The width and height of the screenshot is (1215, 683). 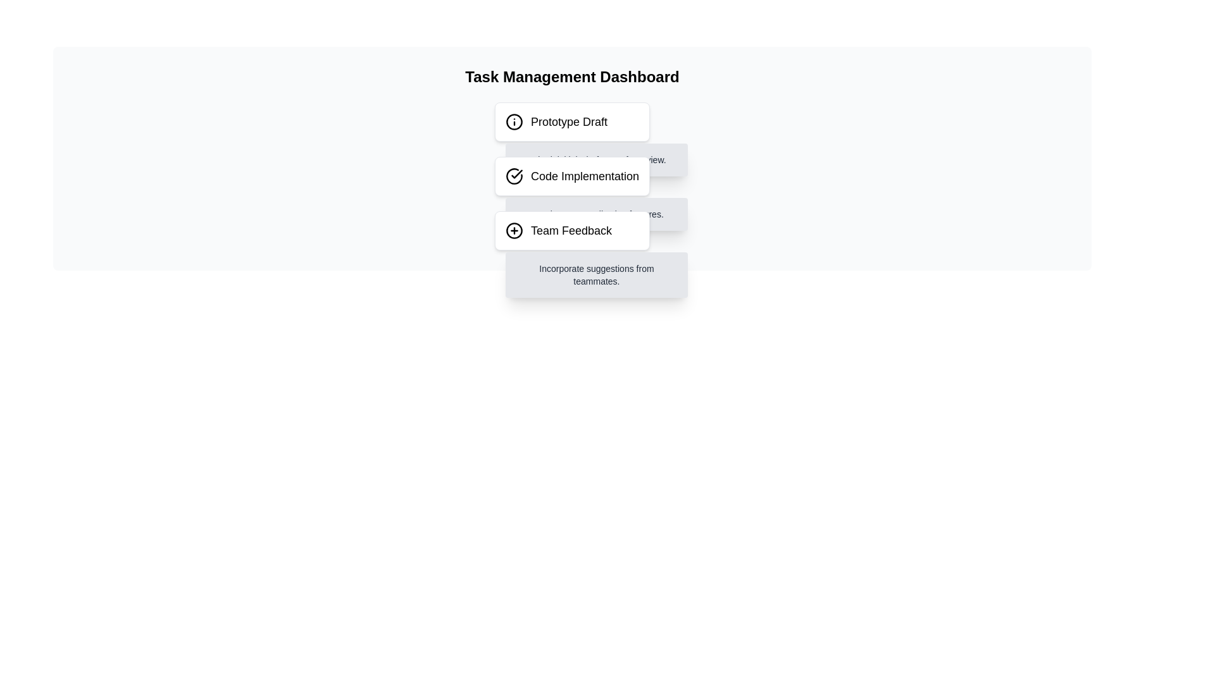 I want to click on information contained within the vertically stacked group of three rectangular containers located in the 'Task Management Dashboard' section, which includes an icon, a bold headline, and detailed text, so click(x=571, y=176).